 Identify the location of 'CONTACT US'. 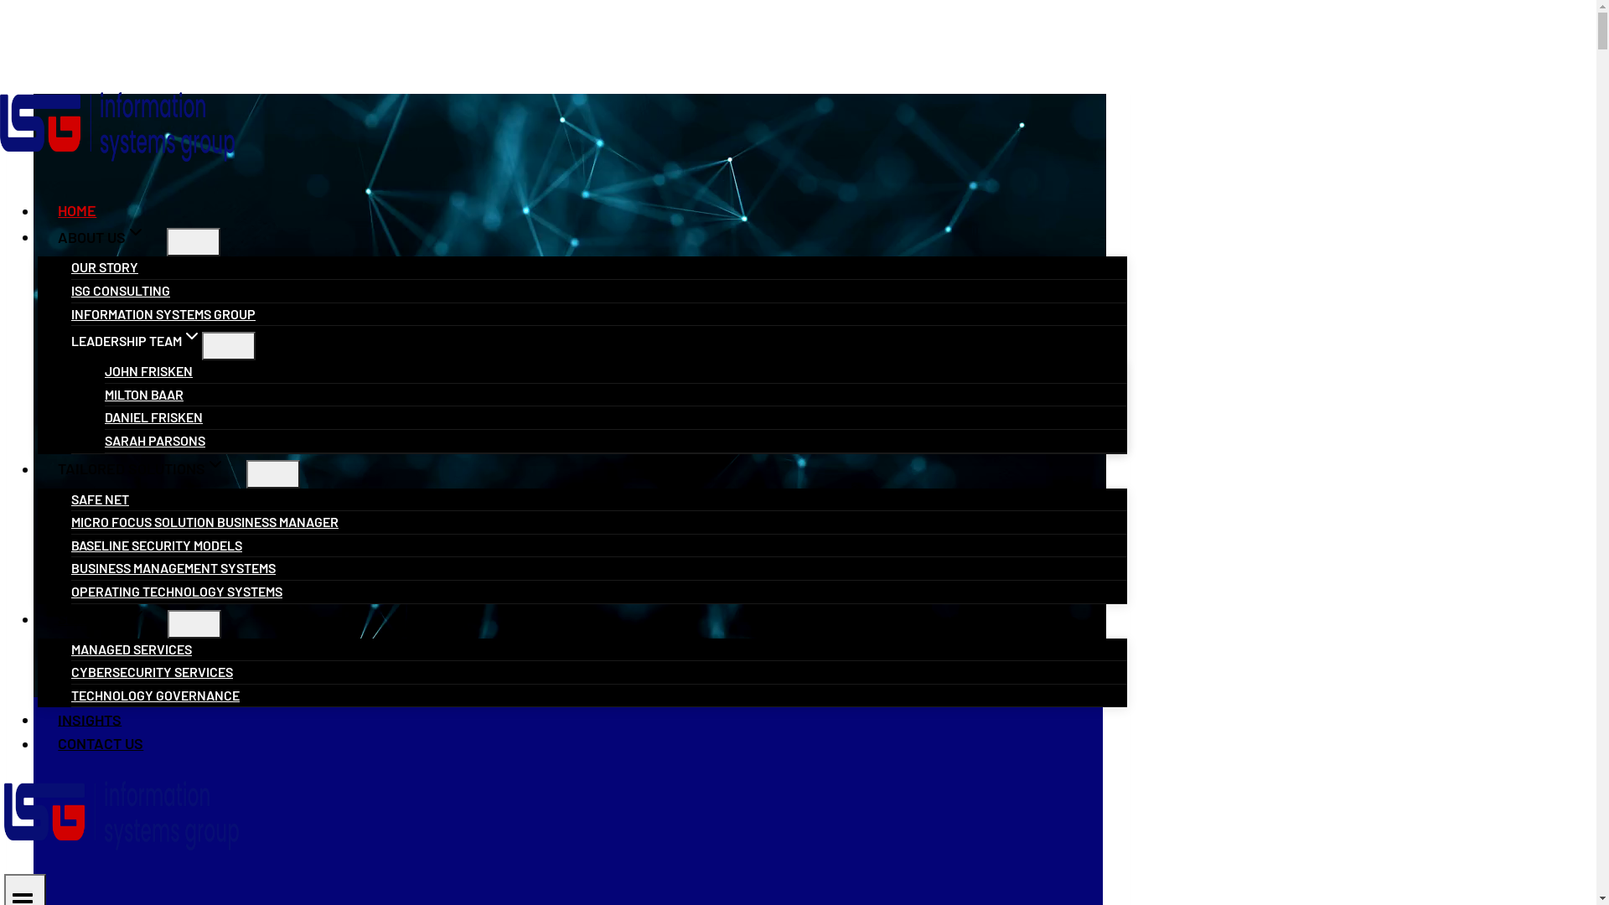
(100, 742).